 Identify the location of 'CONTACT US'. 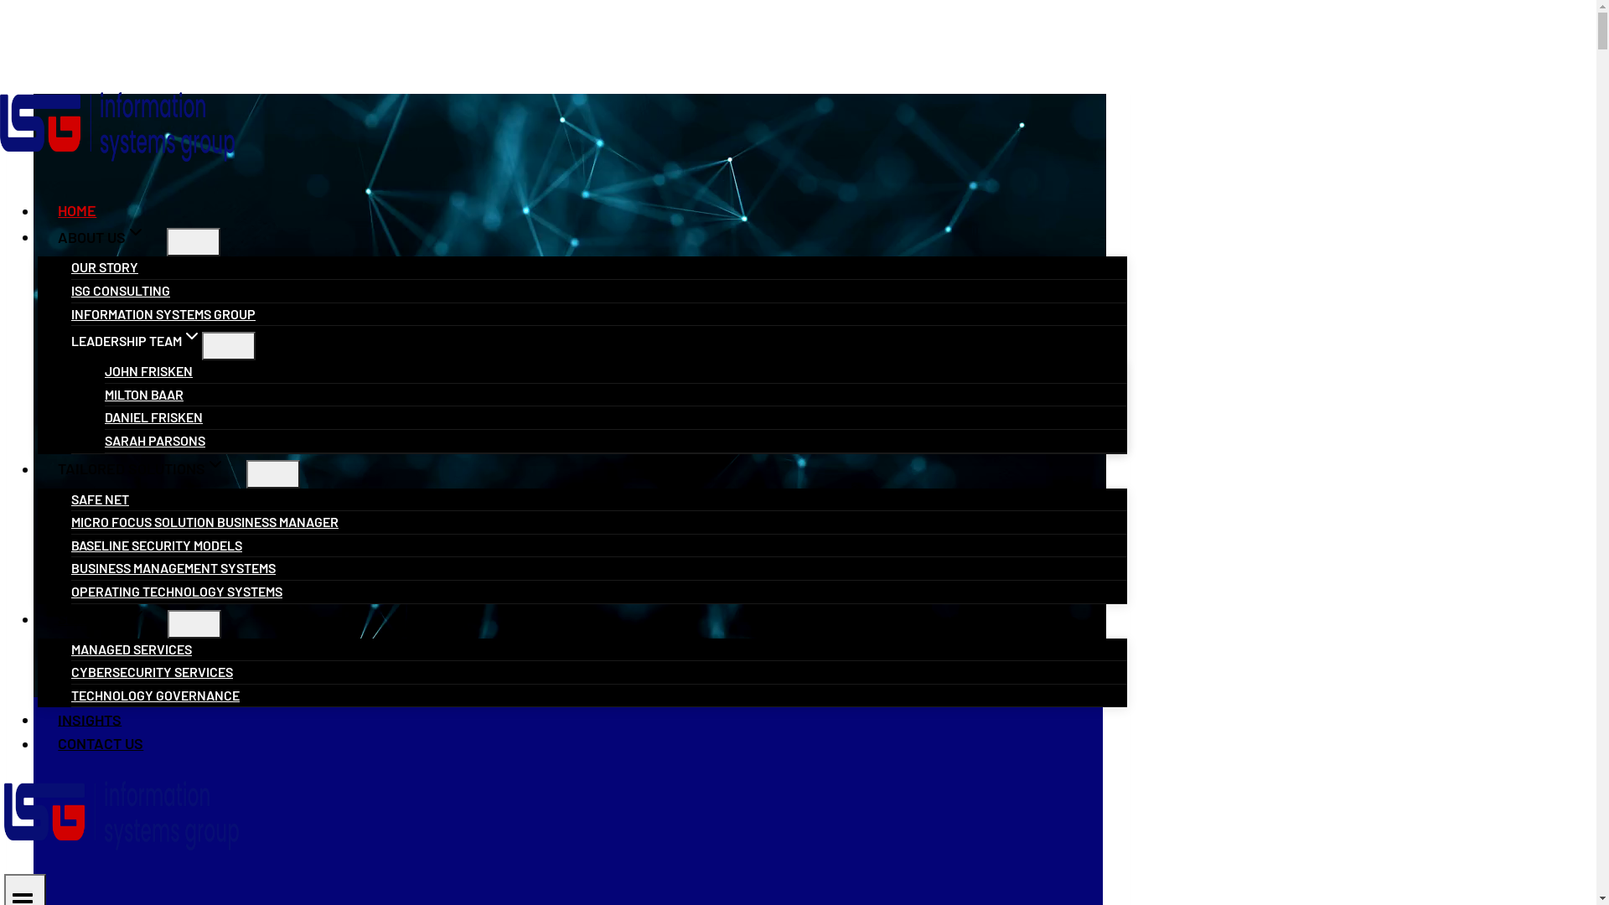
(100, 742).